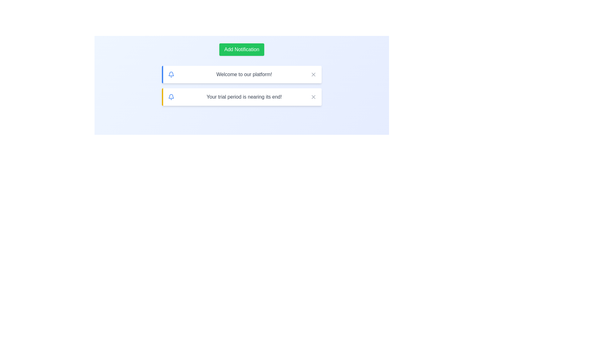 This screenshot has width=599, height=337. I want to click on the close button for the notification with the message 'Your trial period is nearing its end!', so click(313, 97).